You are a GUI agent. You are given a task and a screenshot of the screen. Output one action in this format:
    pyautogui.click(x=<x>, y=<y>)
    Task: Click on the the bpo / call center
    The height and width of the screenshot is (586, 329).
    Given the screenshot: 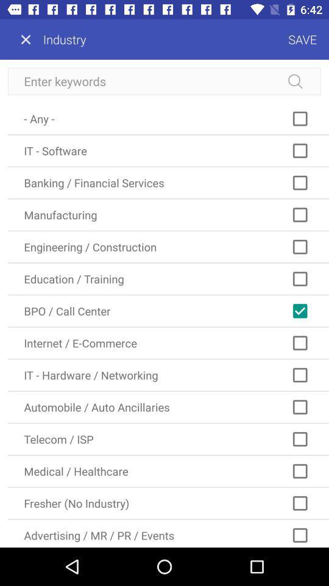 What is the action you would take?
    pyautogui.click(x=168, y=310)
    